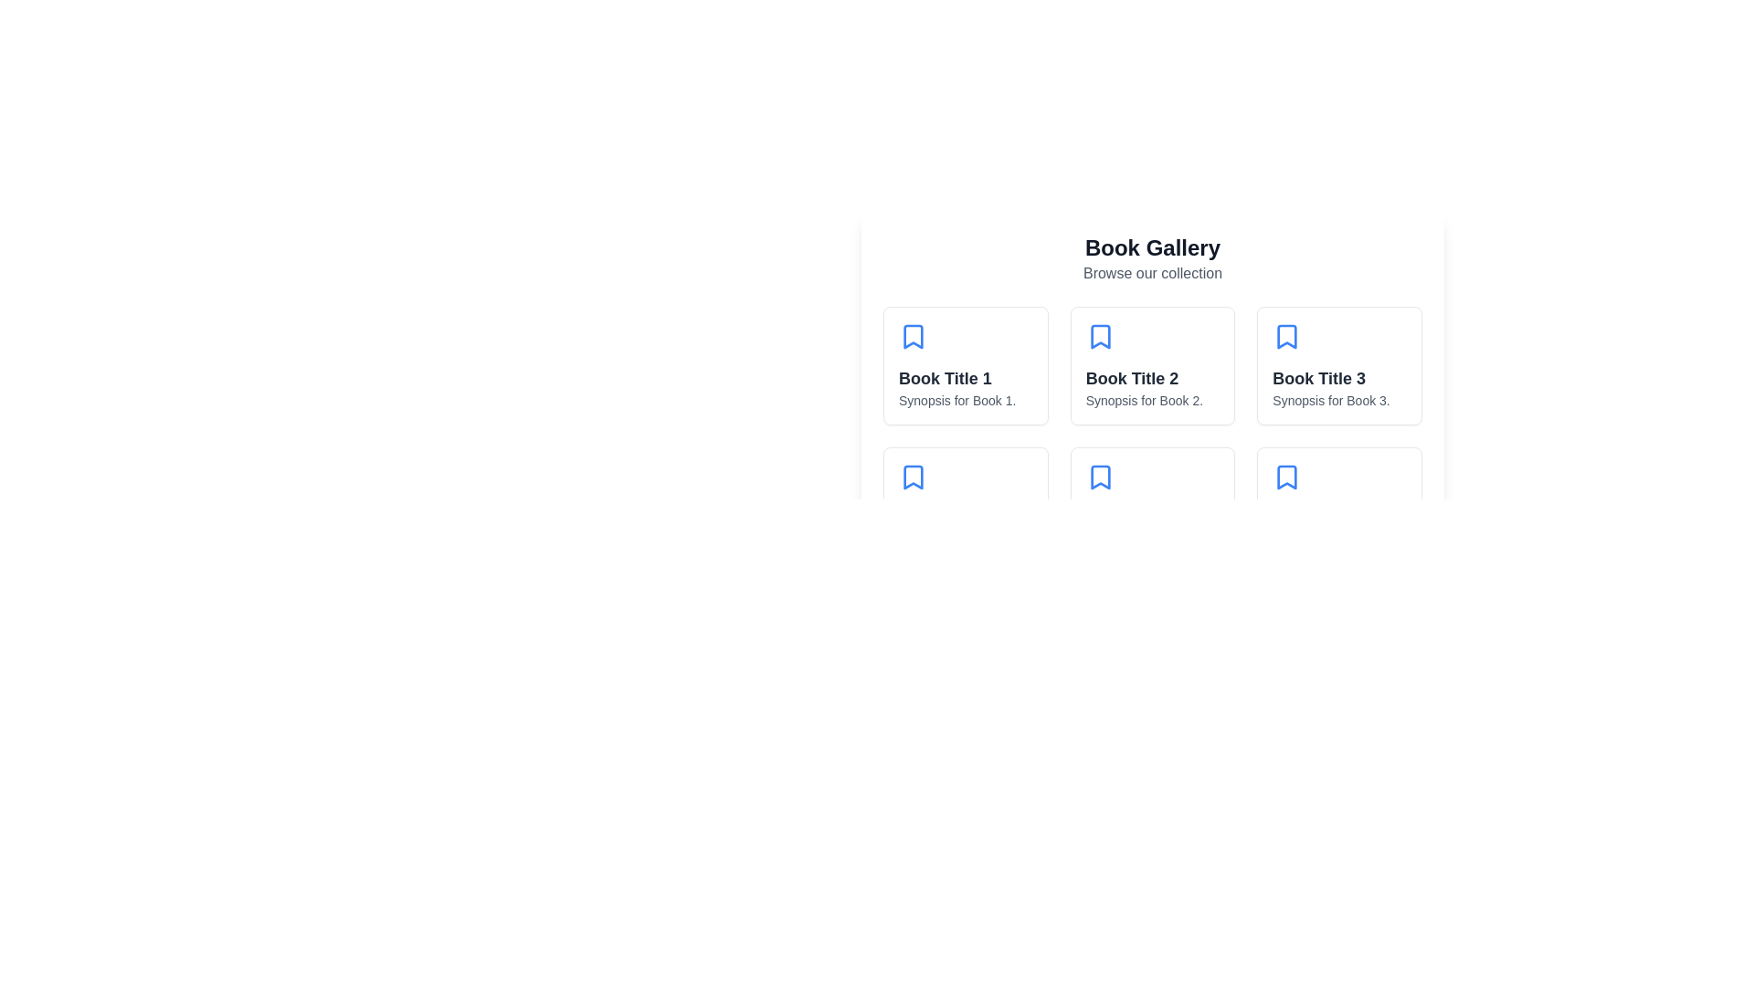 Image resolution: width=1754 pixels, height=986 pixels. Describe the element at coordinates (1286, 337) in the screenshot. I see `the bookmark icon located at the top left of the 'Book Title 3' card` at that location.